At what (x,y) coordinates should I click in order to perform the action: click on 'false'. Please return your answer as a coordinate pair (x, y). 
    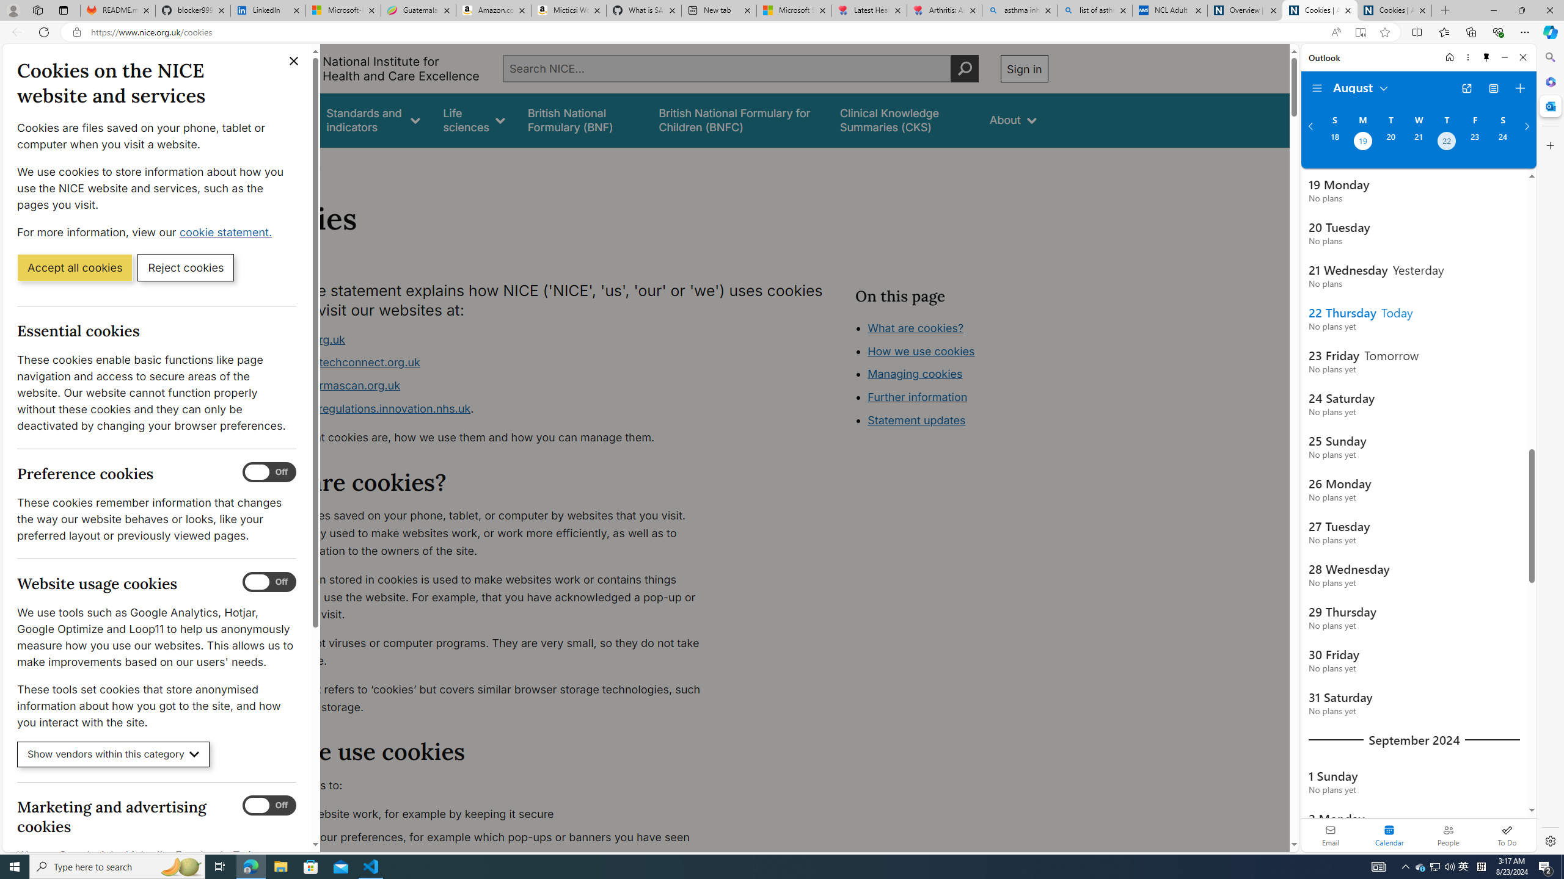
    Looking at the image, I should click on (904, 120).